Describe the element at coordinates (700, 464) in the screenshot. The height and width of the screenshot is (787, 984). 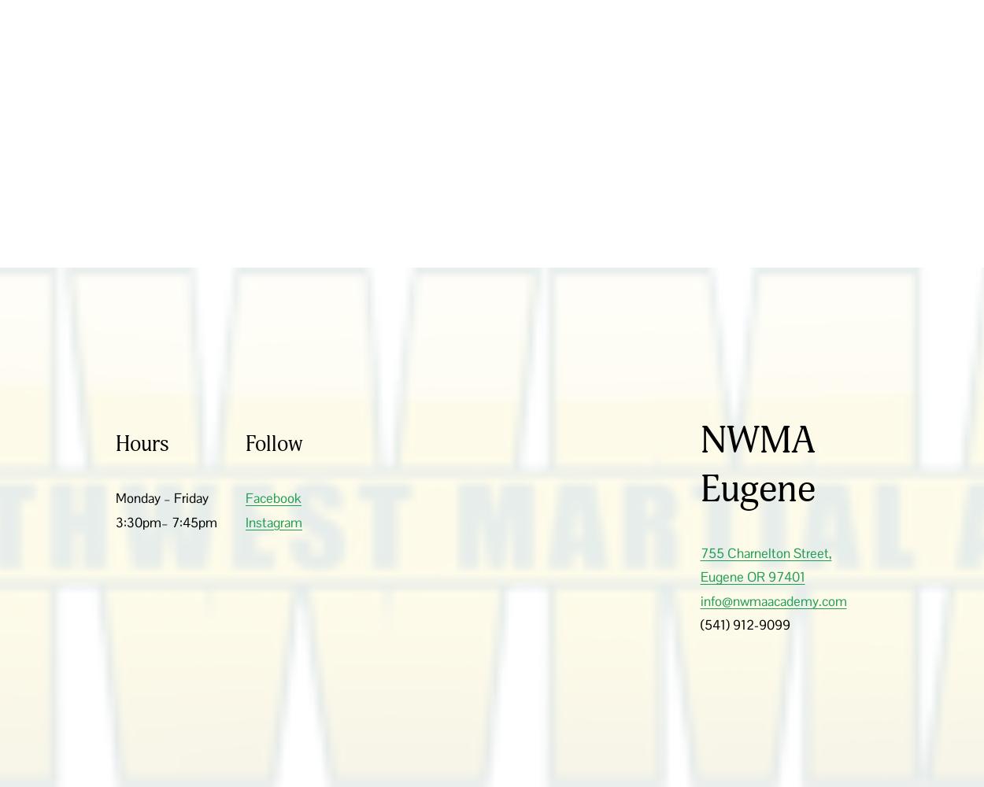
I see `'NWMA Eugene'` at that location.